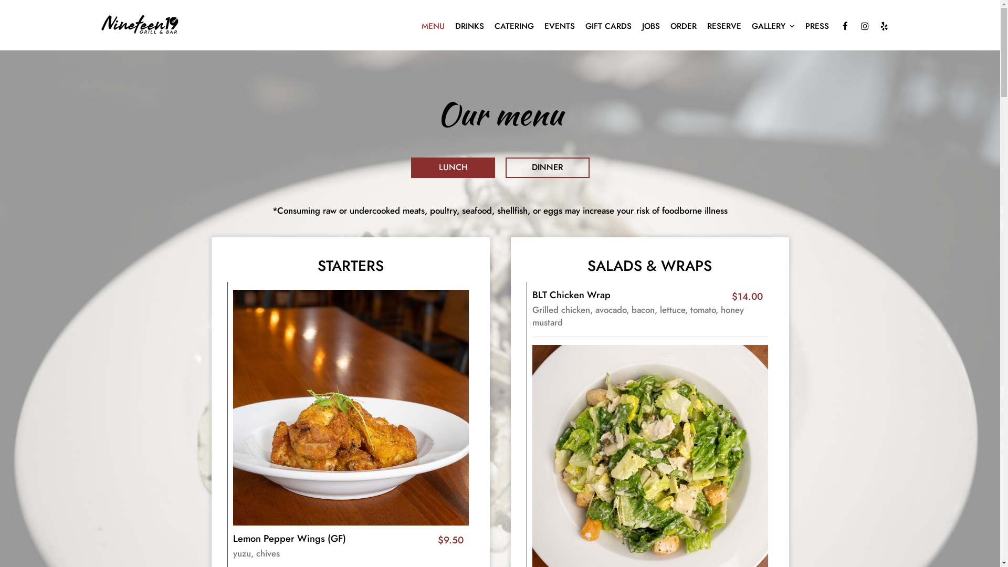  What do you see at coordinates (488, 26) in the screenshot?
I see `'CATERING'` at bounding box center [488, 26].